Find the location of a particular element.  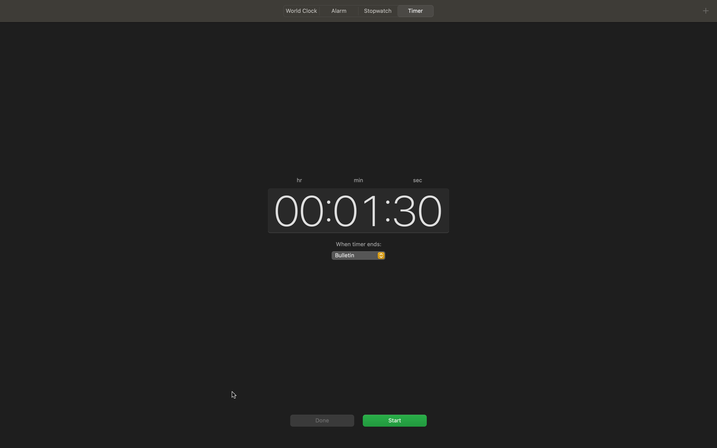

the current hour mode to 12 hours is located at coordinates (296, 209).